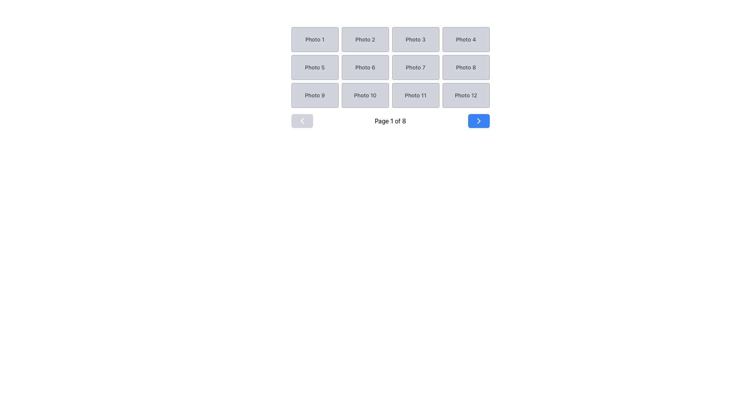 This screenshot has width=744, height=419. What do you see at coordinates (465, 67) in the screenshot?
I see `the rectangular button labeled 'Photo 8' with a gray background, located in the second row and fourth column of the grid, below 'Photo 4' and to the right of 'Photo 7'` at bounding box center [465, 67].